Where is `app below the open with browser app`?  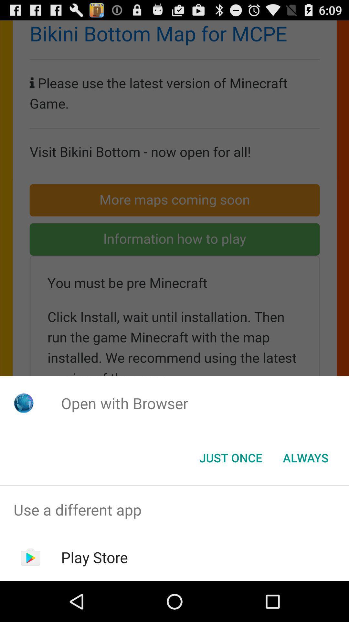
app below the open with browser app is located at coordinates (305, 457).